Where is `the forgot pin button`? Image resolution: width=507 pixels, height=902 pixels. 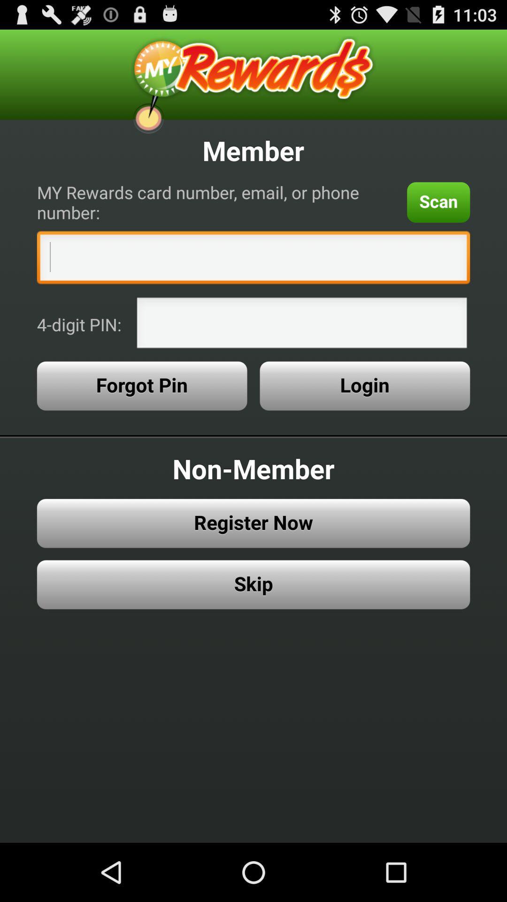 the forgot pin button is located at coordinates (142, 386).